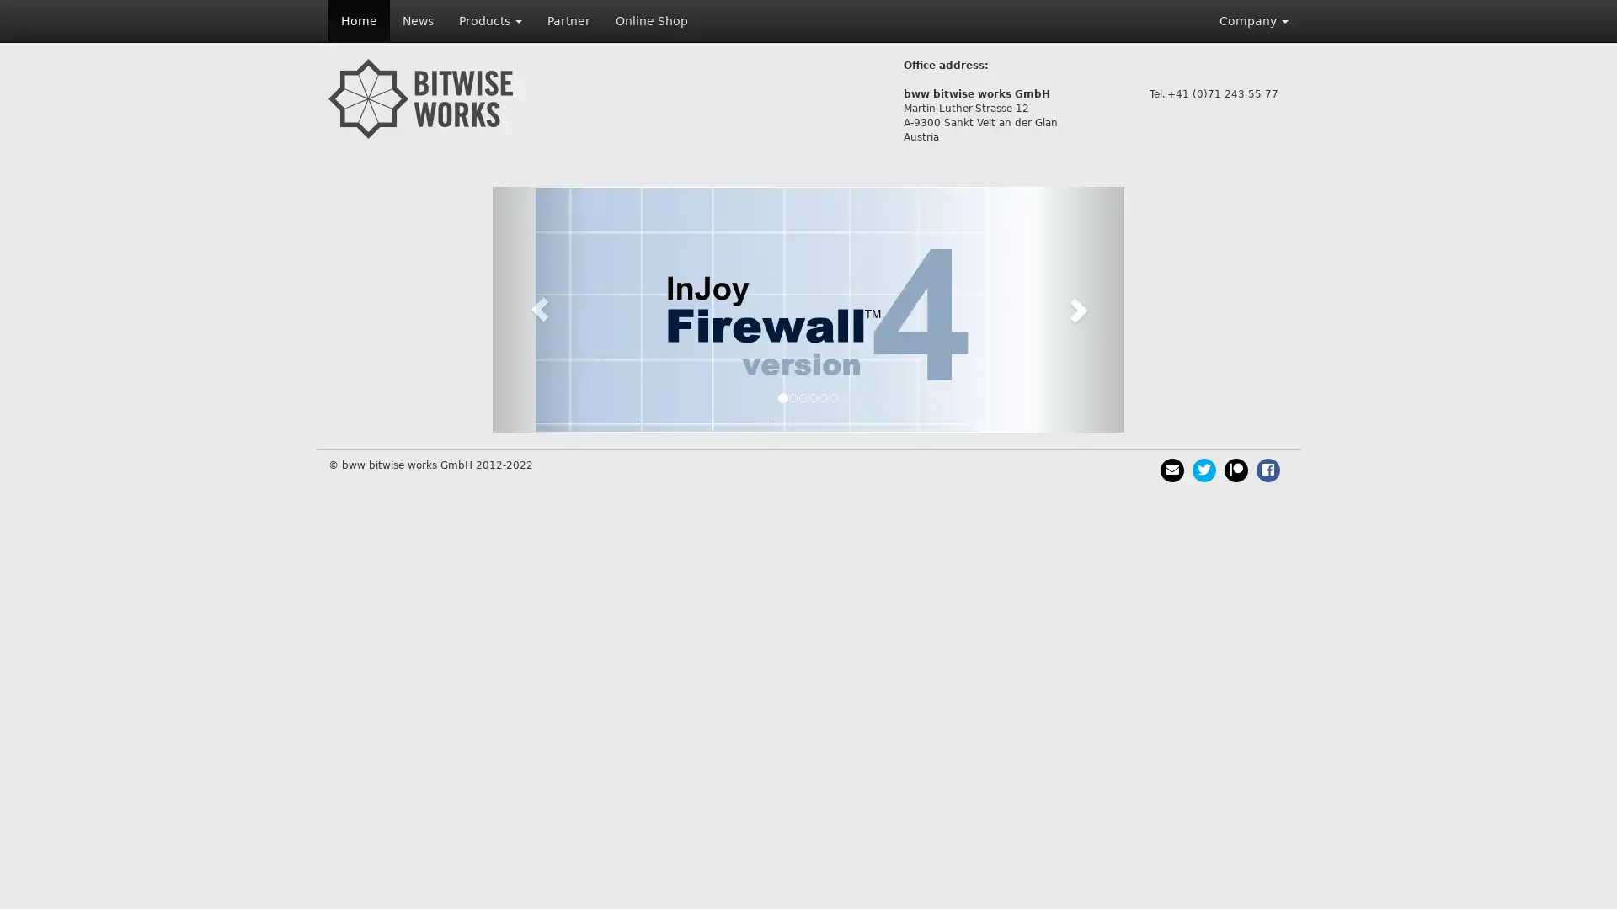 The height and width of the screenshot is (909, 1617). What do you see at coordinates (1075, 309) in the screenshot?
I see `Next` at bounding box center [1075, 309].